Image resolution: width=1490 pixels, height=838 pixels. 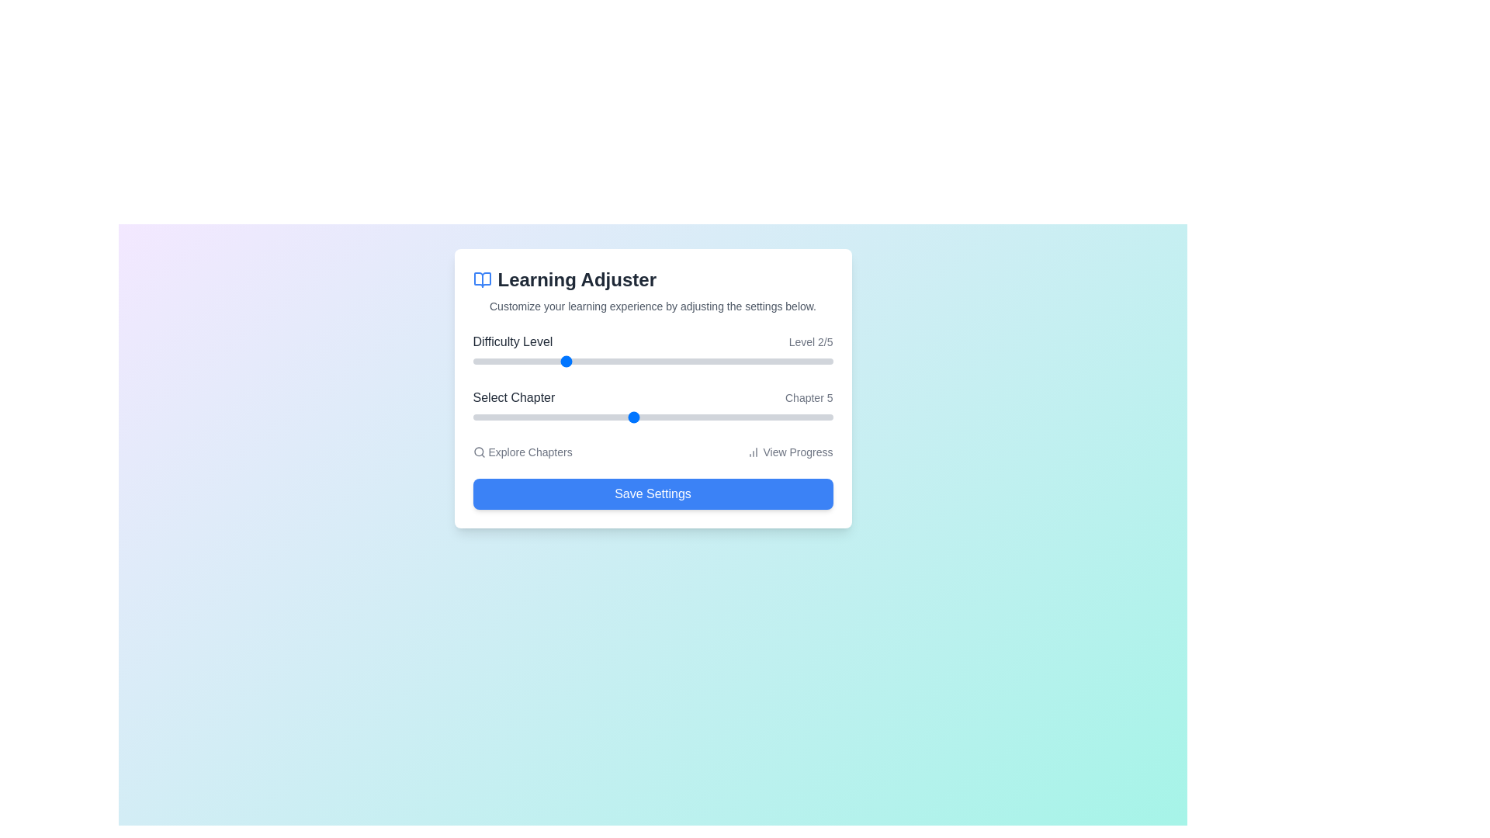 I want to click on the text label with an icon that serves as a header for the card, positioned centrally at the top of the card above a descriptive paragraph, so click(x=653, y=280).